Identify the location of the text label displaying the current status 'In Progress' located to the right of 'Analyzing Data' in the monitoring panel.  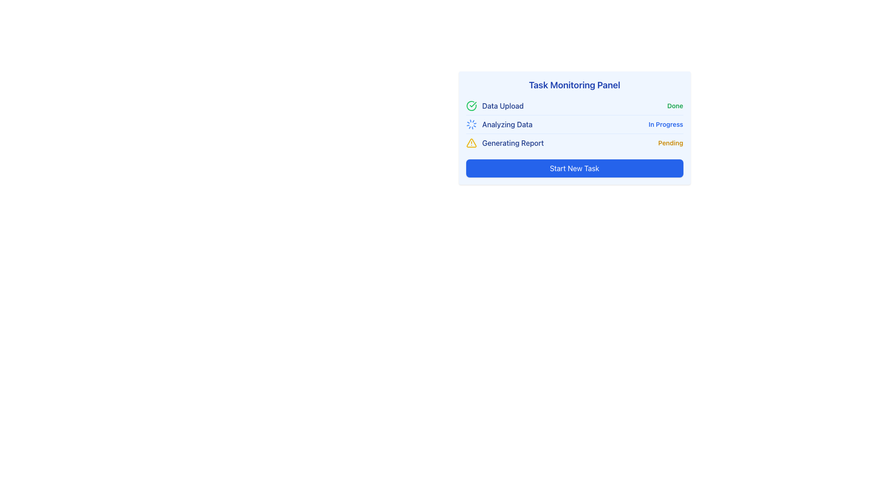
(666, 124).